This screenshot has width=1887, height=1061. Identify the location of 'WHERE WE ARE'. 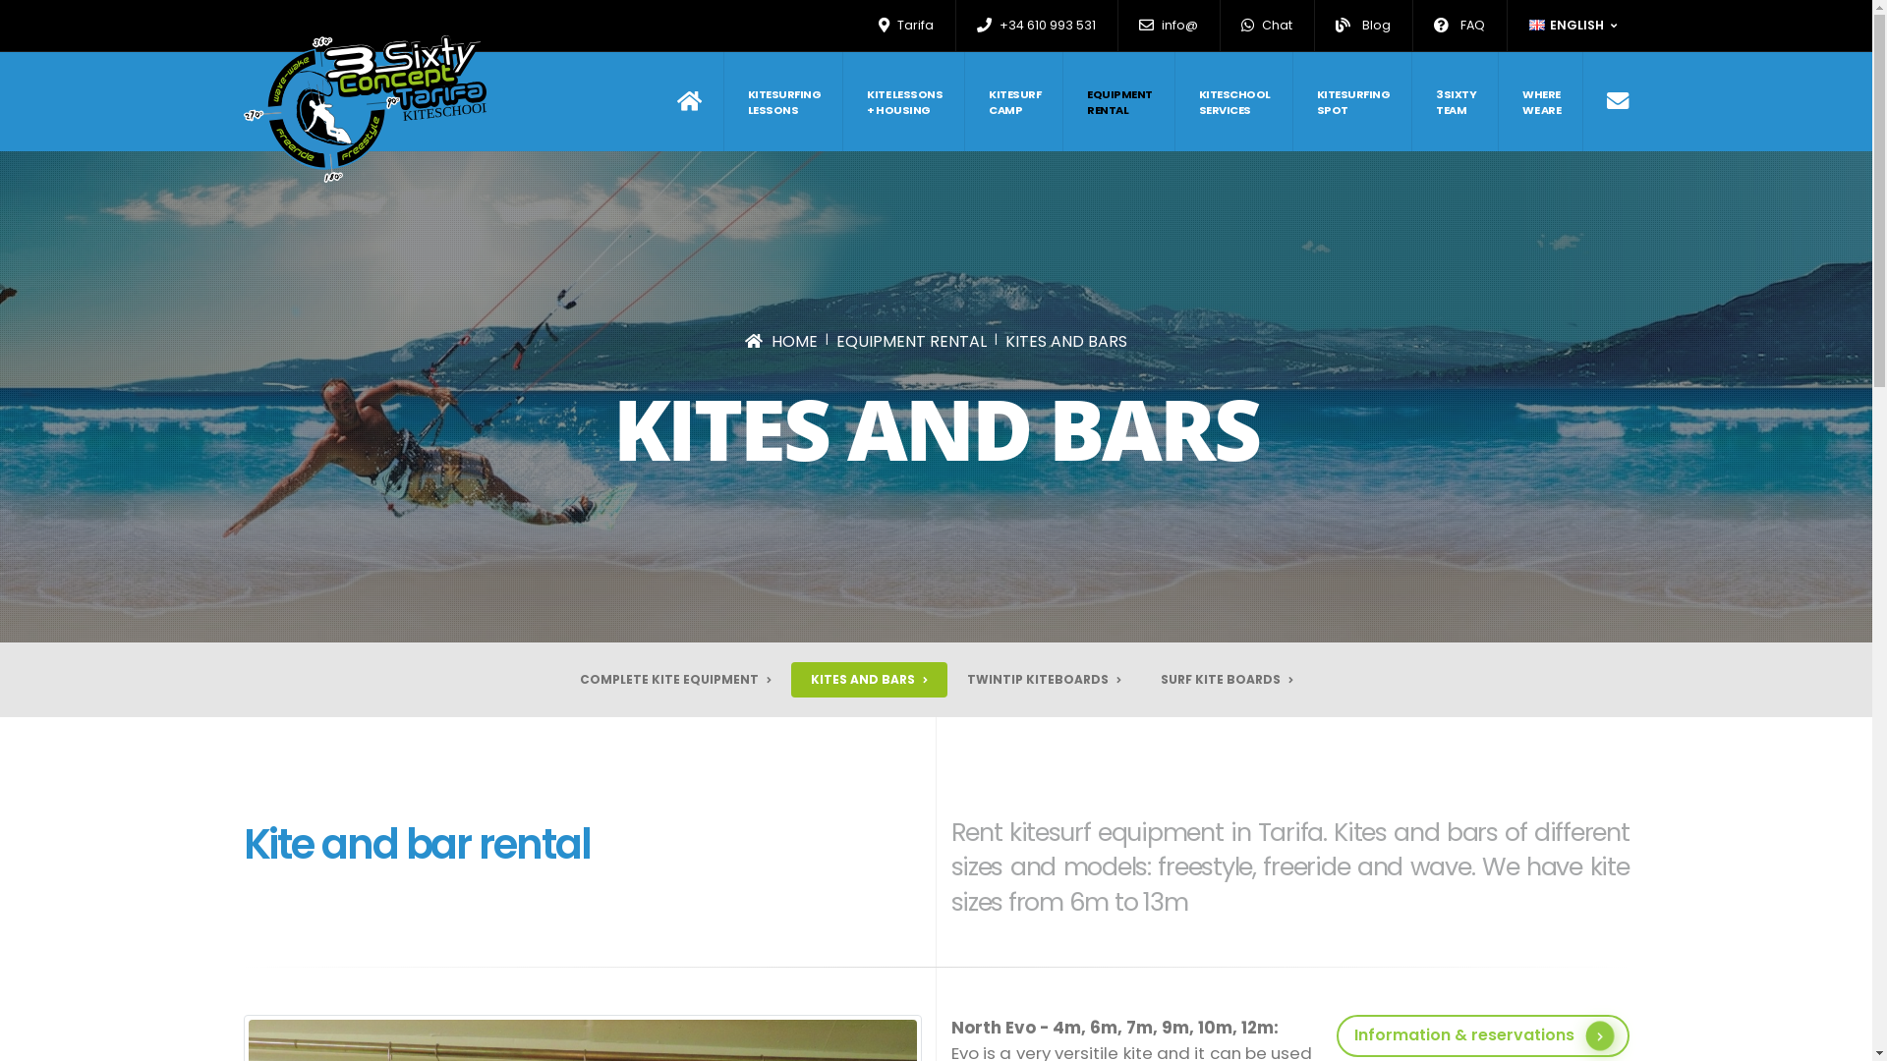
(1541, 101).